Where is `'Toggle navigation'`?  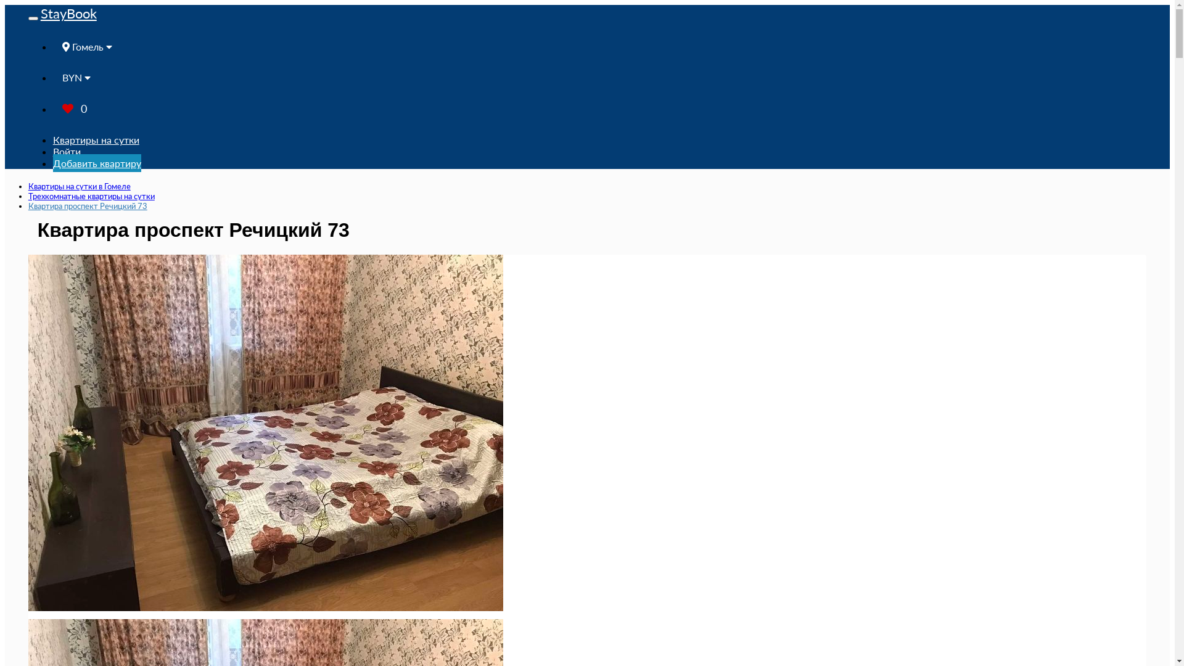 'Toggle navigation' is located at coordinates (28, 18).